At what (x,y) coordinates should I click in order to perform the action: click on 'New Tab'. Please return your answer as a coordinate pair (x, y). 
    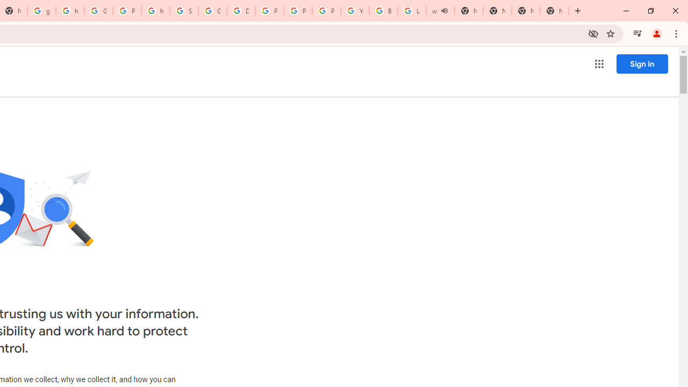
    Looking at the image, I should click on (526, 11).